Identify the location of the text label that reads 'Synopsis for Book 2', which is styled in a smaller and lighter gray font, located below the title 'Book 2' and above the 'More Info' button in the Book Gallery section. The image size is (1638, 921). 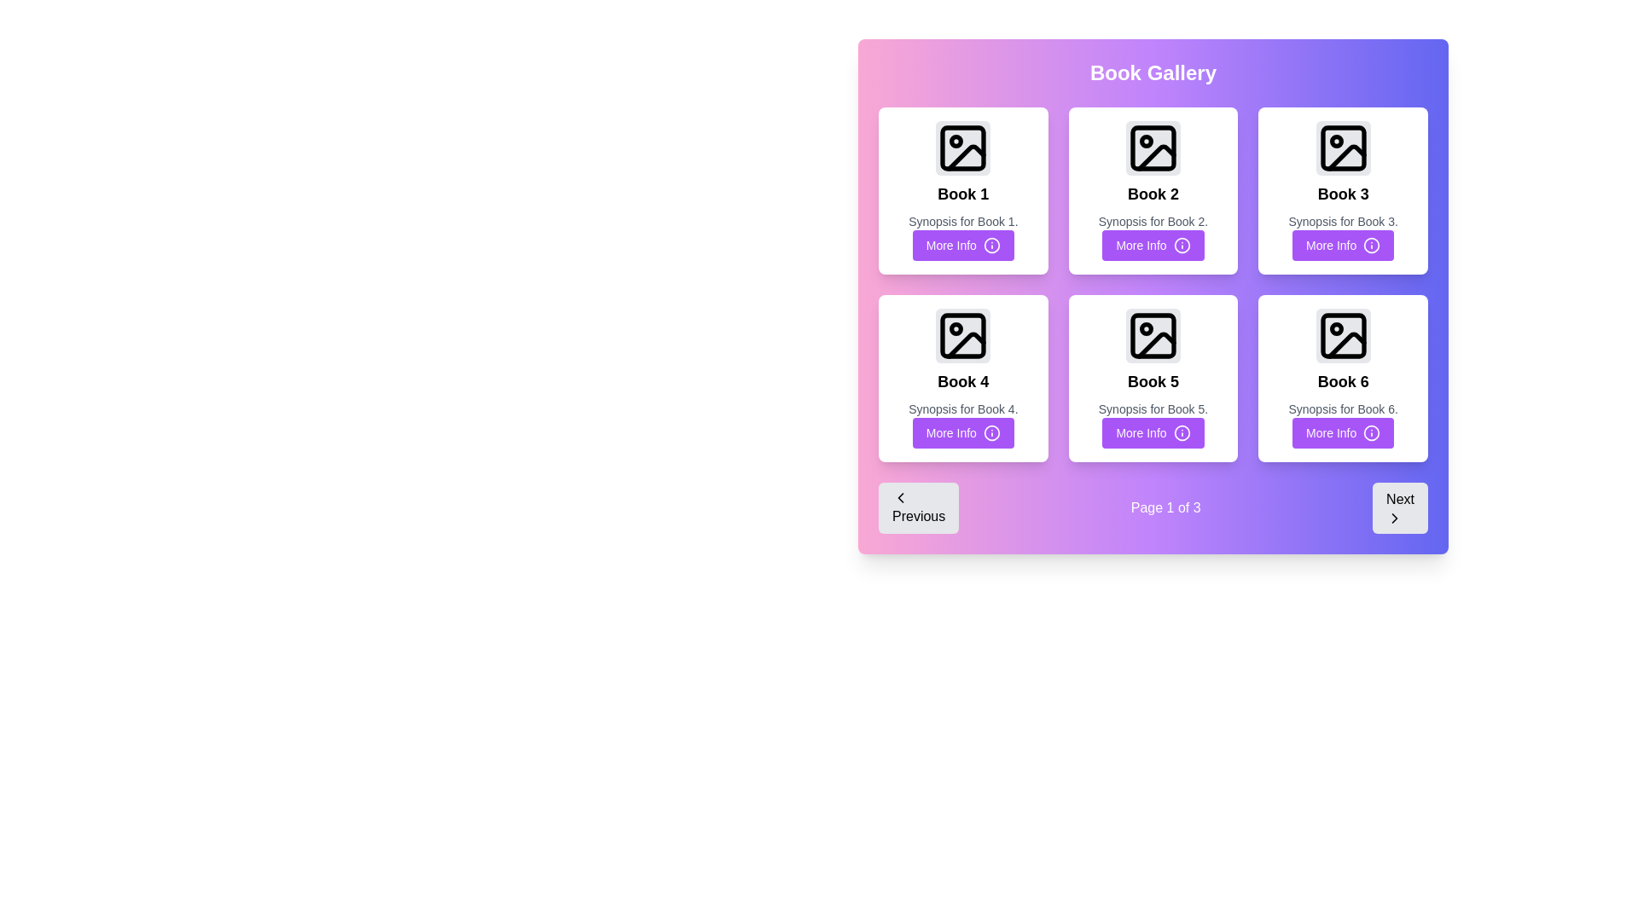
(1153, 220).